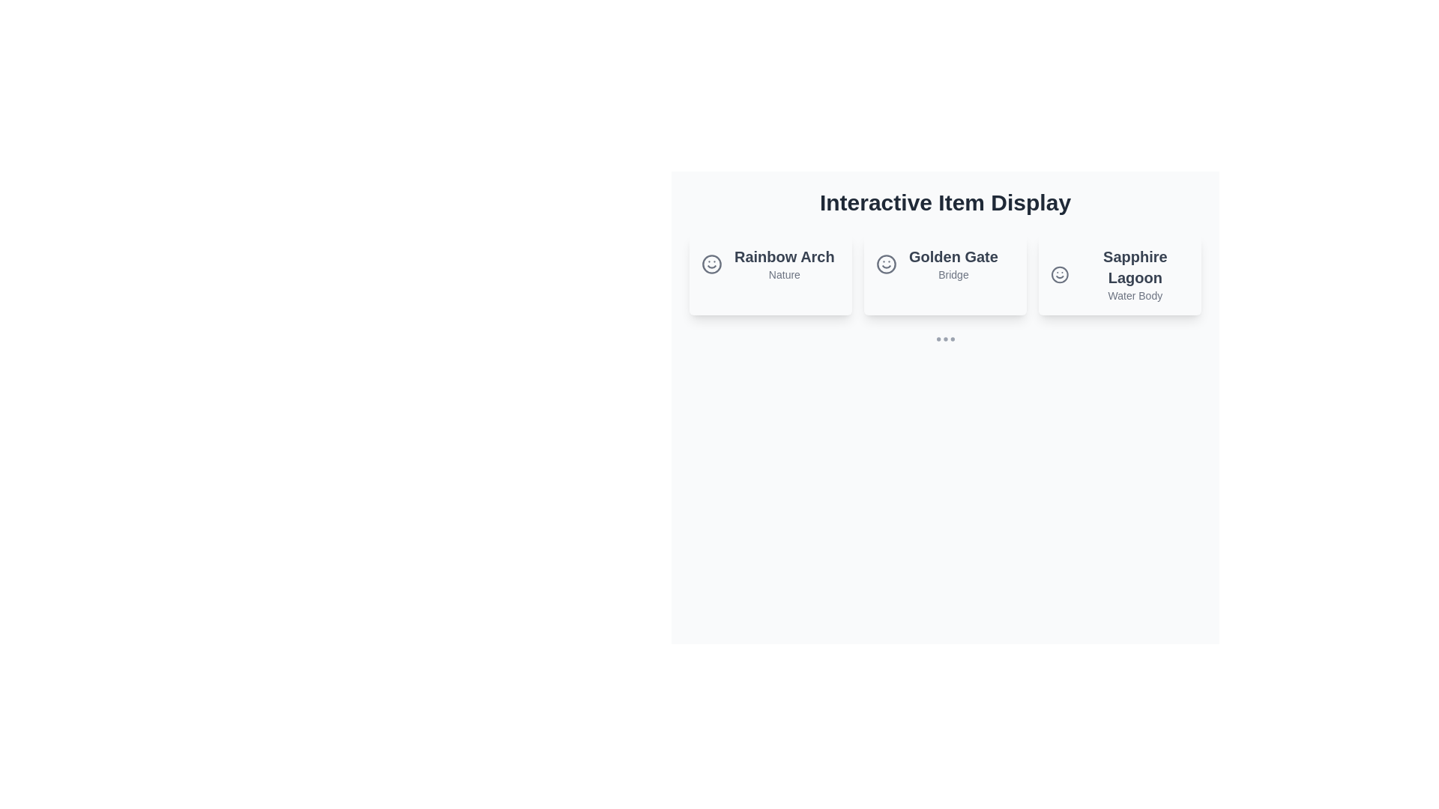 This screenshot has width=1439, height=809. I want to click on the 'Golden Gate' button, which is a rectangular card with a shadowed rounded border displaying the text 'Golden Gate' in bold and 'Bridge' in smaller gray font, located in the middle column of a grid layout, so click(944, 274).